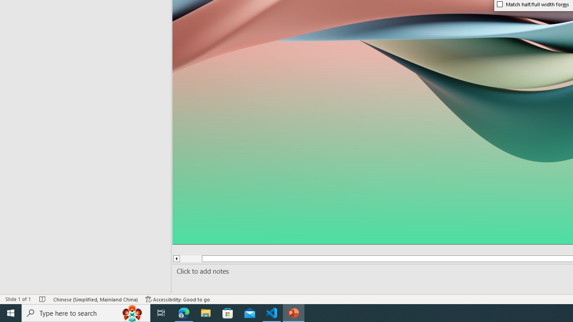 Image resolution: width=573 pixels, height=322 pixels. I want to click on 'PowerPoint - 1 running window', so click(294, 312).